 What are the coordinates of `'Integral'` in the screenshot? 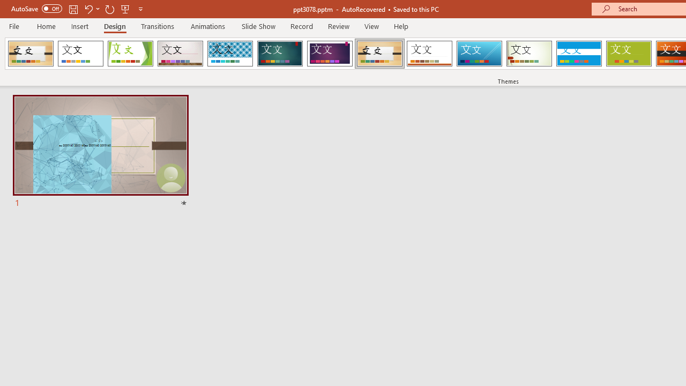 It's located at (229, 54).